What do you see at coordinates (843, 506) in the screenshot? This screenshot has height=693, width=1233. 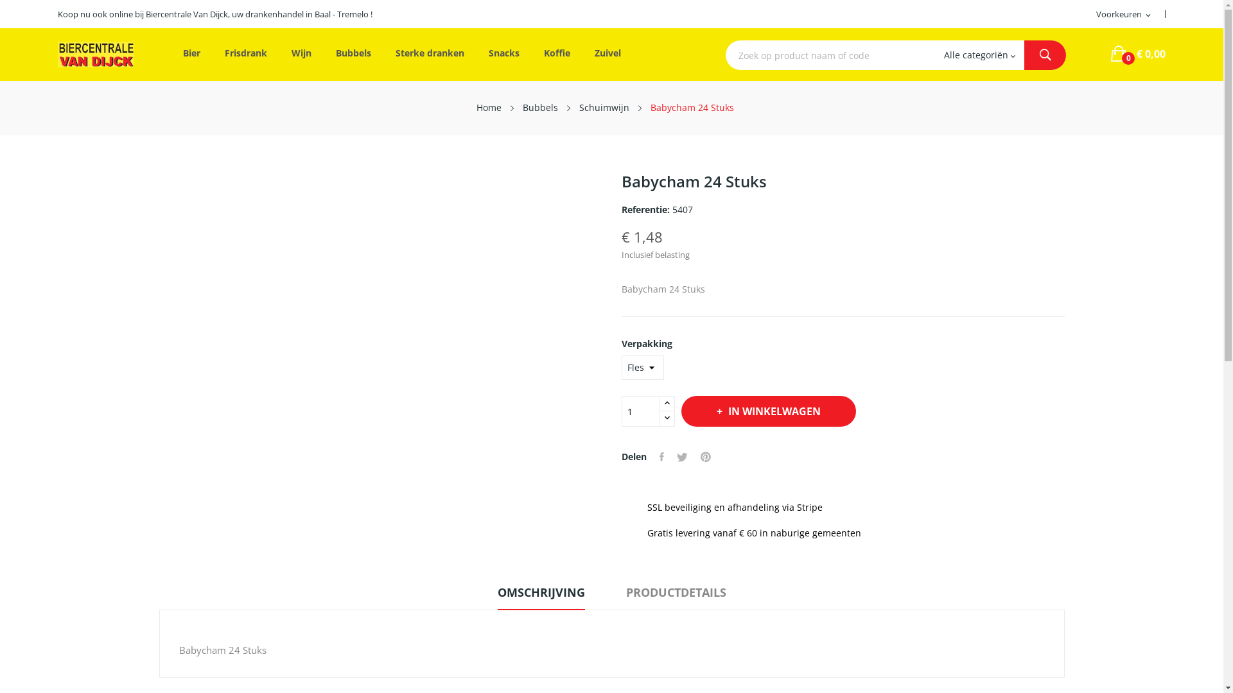 I see `'  SSL beveiliging en afhandeling via Stripe'` at bounding box center [843, 506].